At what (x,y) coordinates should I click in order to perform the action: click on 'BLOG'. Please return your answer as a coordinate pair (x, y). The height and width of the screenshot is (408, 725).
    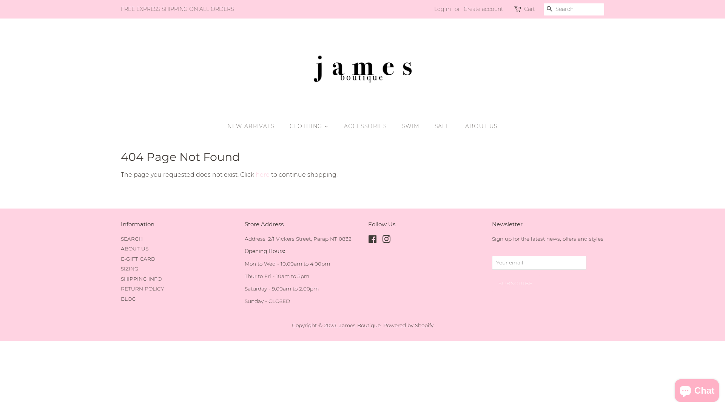
    Looking at the image, I should click on (128, 298).